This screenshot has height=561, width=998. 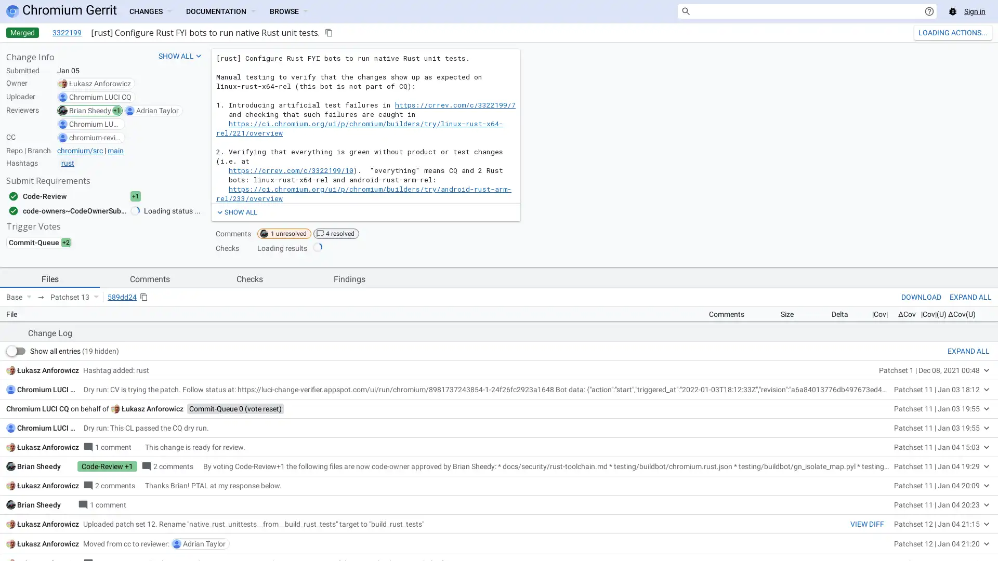 I want to click on FILE BUG, so click(x=974, y=452).